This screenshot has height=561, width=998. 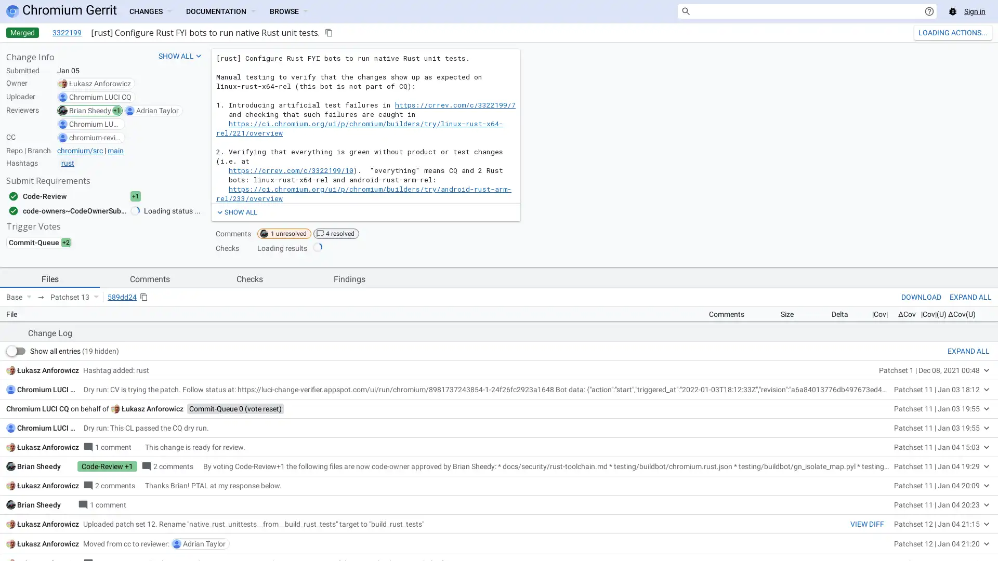 I want to click on FILE BUG, so click(x=974, y=452).